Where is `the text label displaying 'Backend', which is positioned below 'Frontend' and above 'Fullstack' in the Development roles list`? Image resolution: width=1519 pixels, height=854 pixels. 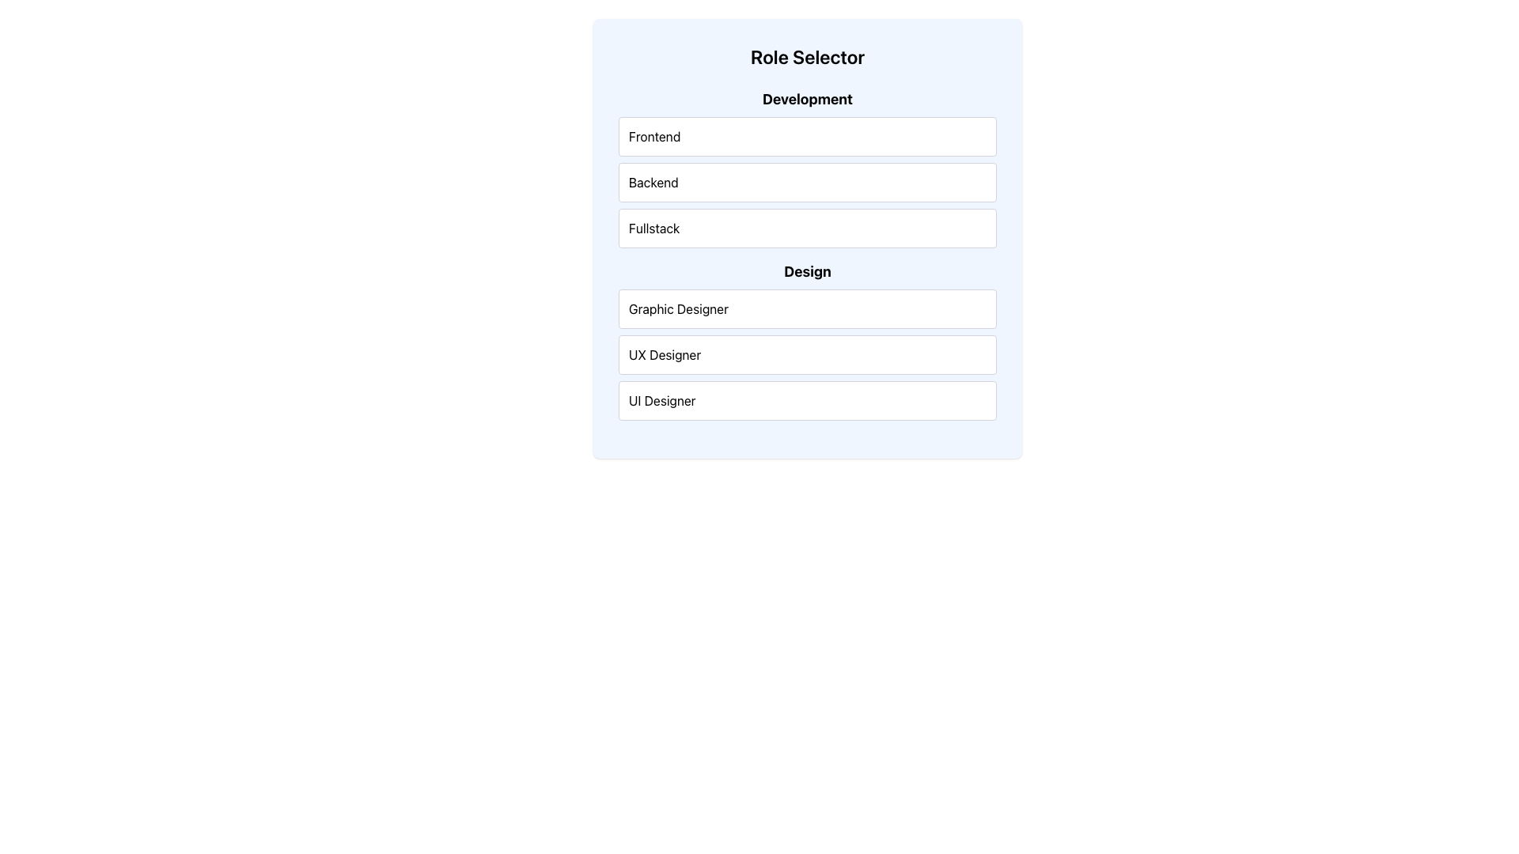
the text label displaying 'Backend', which is positioned below 'Frontend' and above 'Fullstack' in the Development roles list is located at coordinates (653, 182).